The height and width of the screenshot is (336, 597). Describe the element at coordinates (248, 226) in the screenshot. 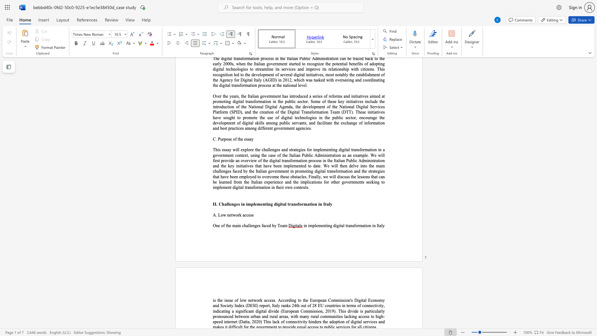

I see `the 1th character "l" in the text` at that location.